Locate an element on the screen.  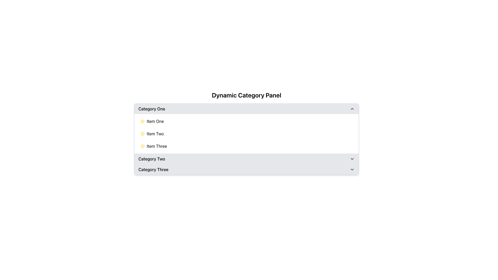
the yellow star icon with a thin stroke style that represents 'Item One' in 'Category One', positioned to the left of the text label is located at coordinates (142, 121).